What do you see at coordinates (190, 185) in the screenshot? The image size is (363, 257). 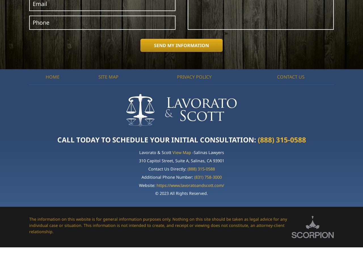 I see `'https://www.lavoratoandscott.com/'` at bounding box center [190, 185].